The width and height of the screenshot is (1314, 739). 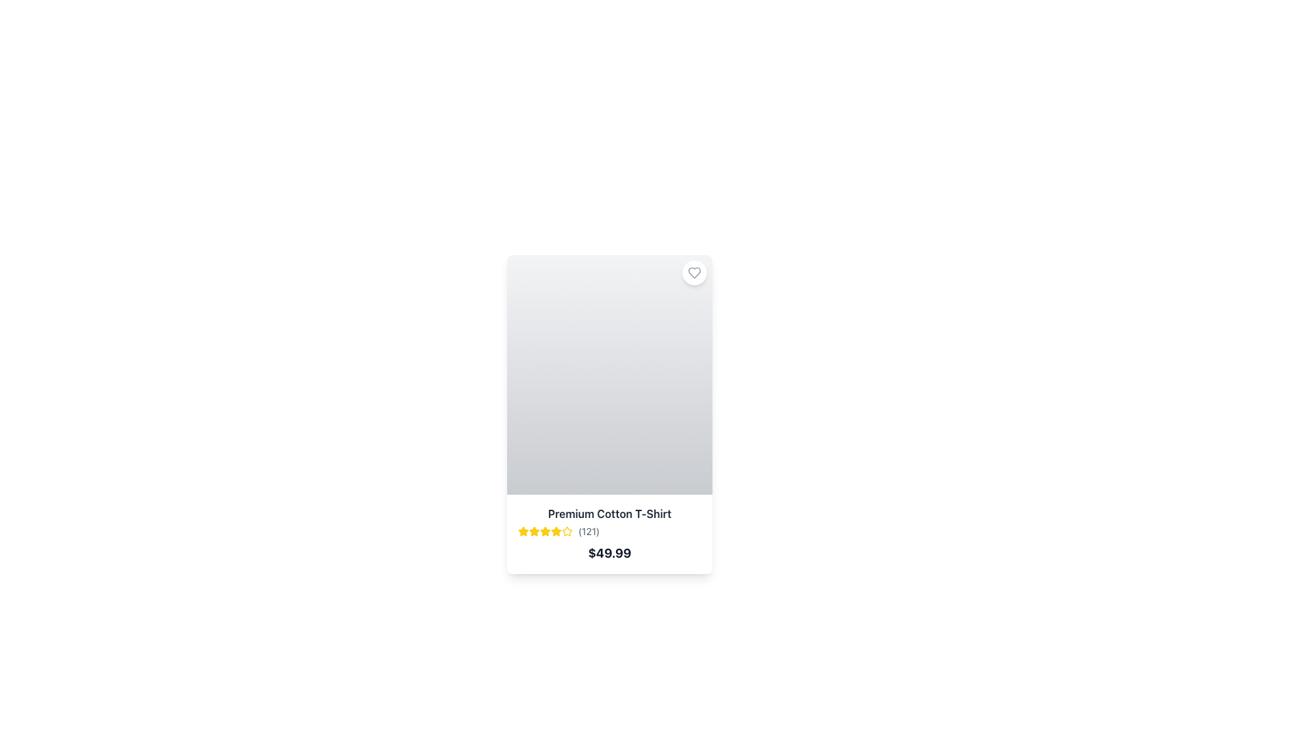 I want to click on the fourth star icon in the rating system to interact with it, so click(x=544, y=530).